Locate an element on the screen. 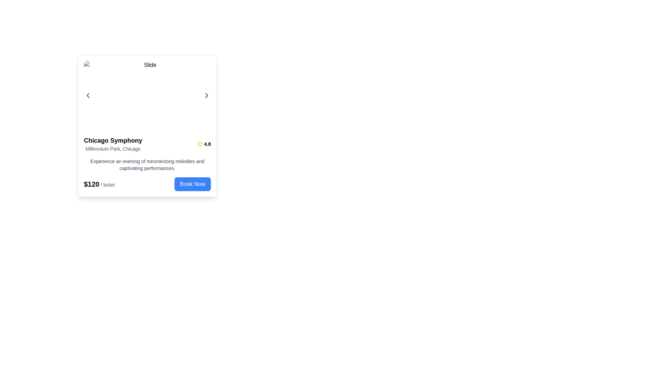 The height and width of the screenshot is (374, 666). the 'Book Now' button, which is a blue rectangular button with white text located in the lower right section of the card beneath the pricing information is located at coordinates (193, 184).